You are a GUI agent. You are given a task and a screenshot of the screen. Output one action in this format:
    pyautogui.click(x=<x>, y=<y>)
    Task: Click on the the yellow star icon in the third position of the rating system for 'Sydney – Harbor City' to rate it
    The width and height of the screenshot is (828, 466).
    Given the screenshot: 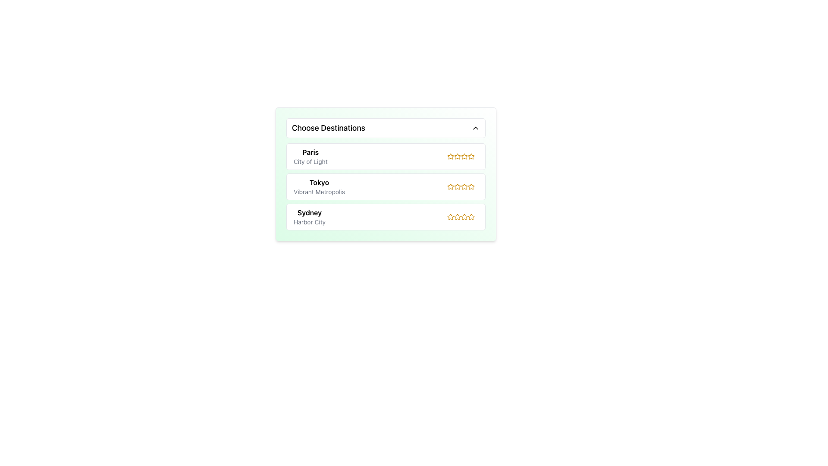 What is the action you would take?
    pyautogui.click(x=461, y=216)
    